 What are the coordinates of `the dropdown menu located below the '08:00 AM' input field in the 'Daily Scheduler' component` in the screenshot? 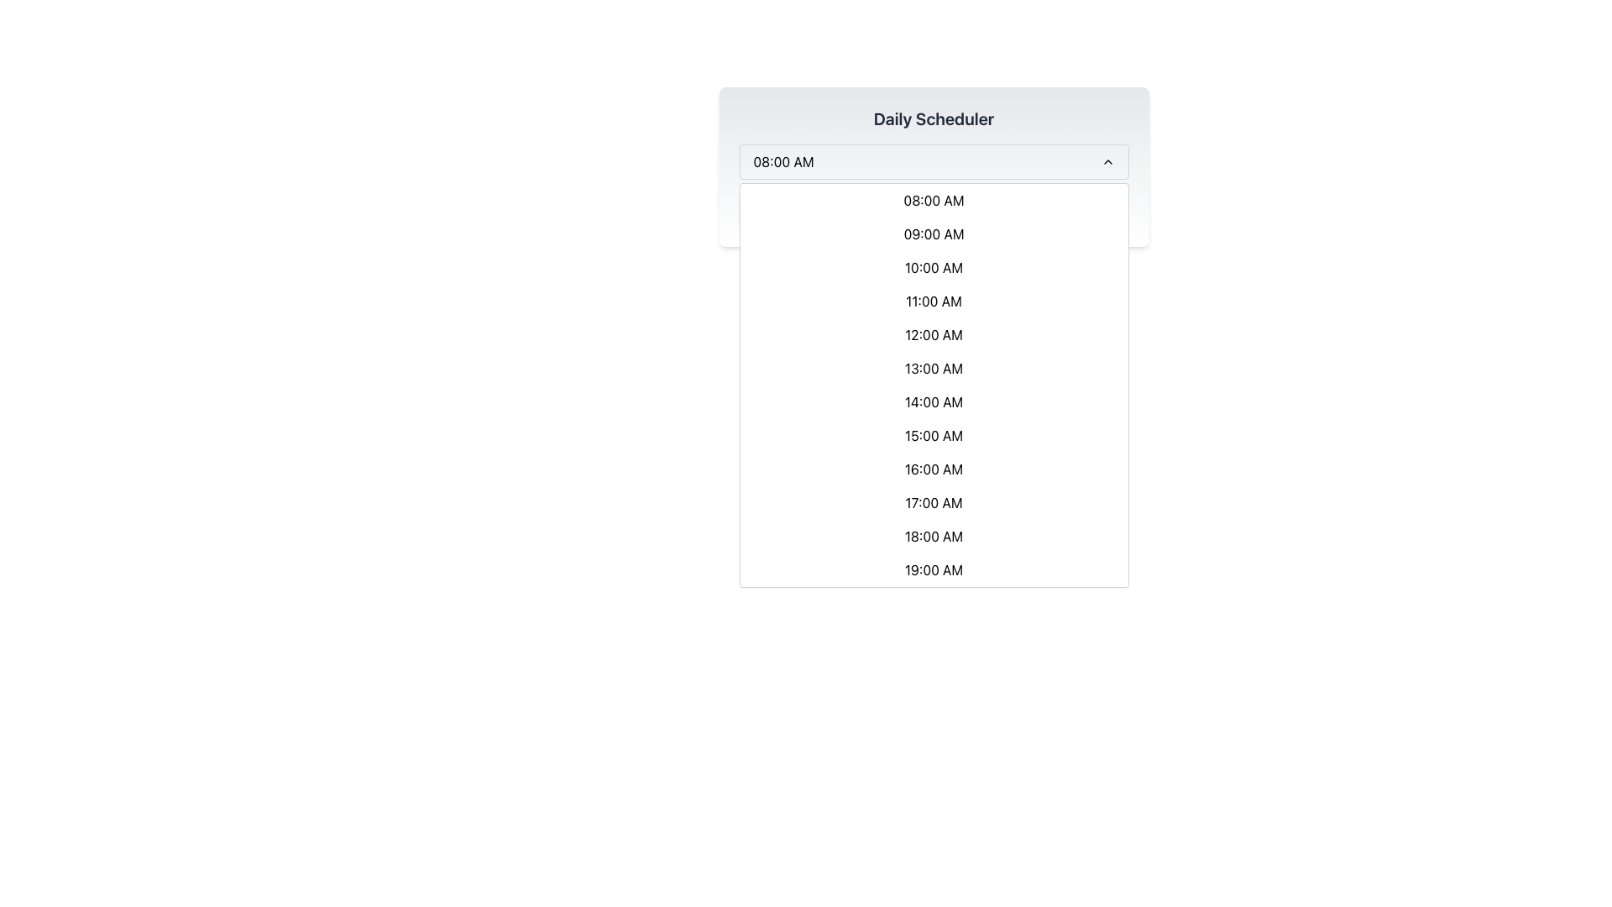 It's located at (933, 385).